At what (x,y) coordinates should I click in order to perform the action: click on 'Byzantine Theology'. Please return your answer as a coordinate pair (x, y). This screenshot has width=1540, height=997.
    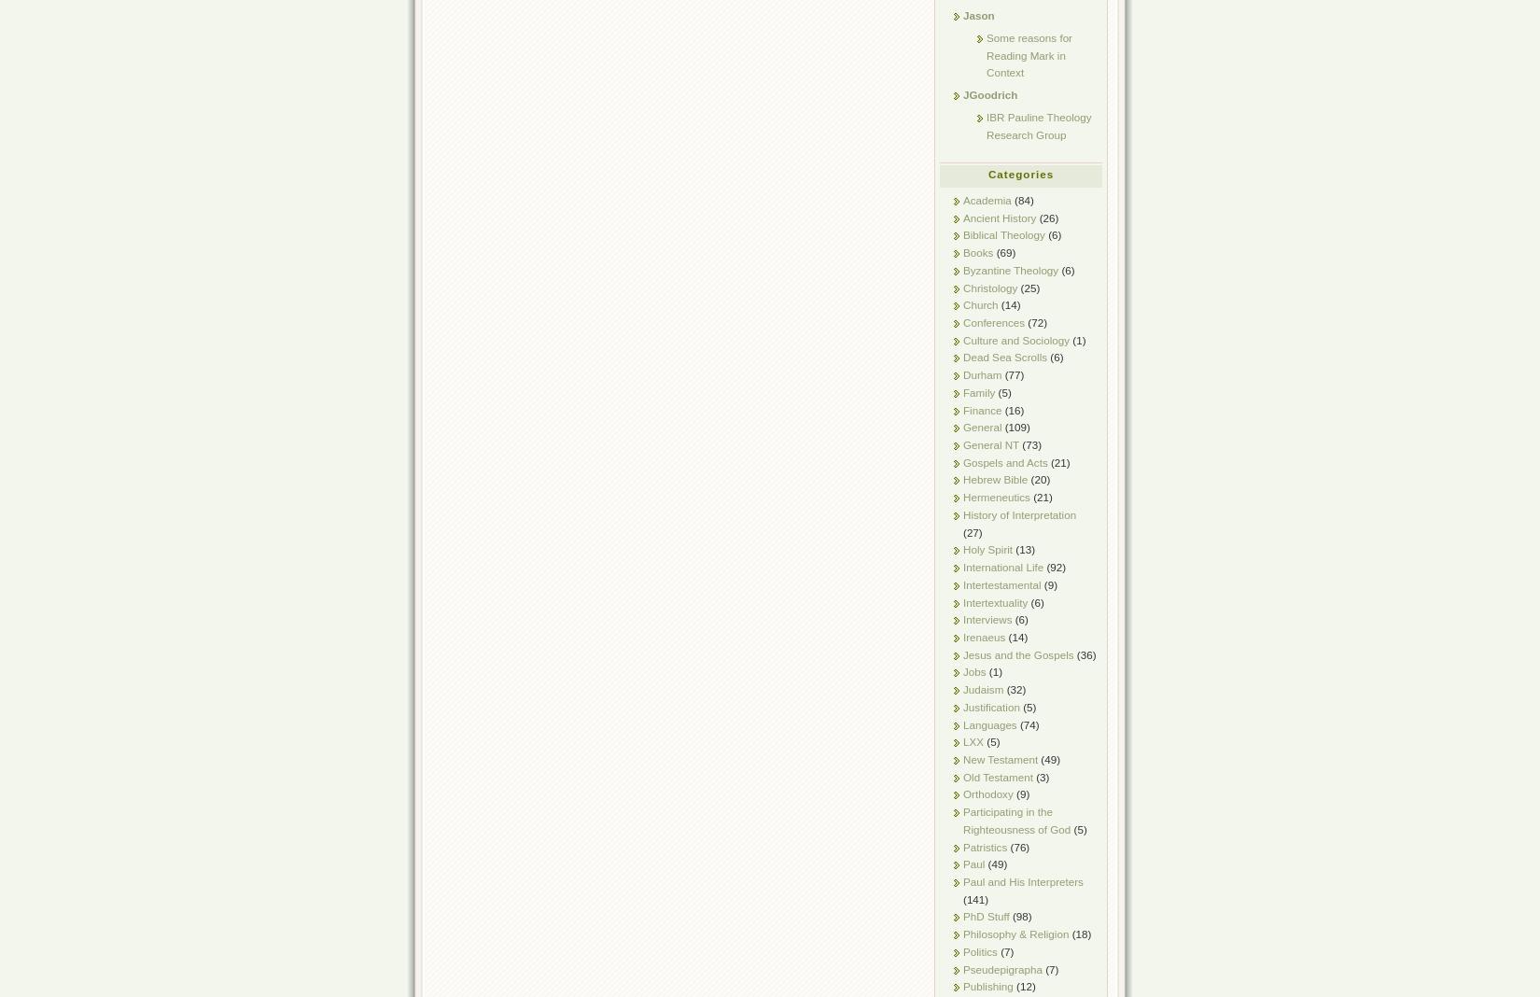
    Looking at the image, I should click on (1011, 268).